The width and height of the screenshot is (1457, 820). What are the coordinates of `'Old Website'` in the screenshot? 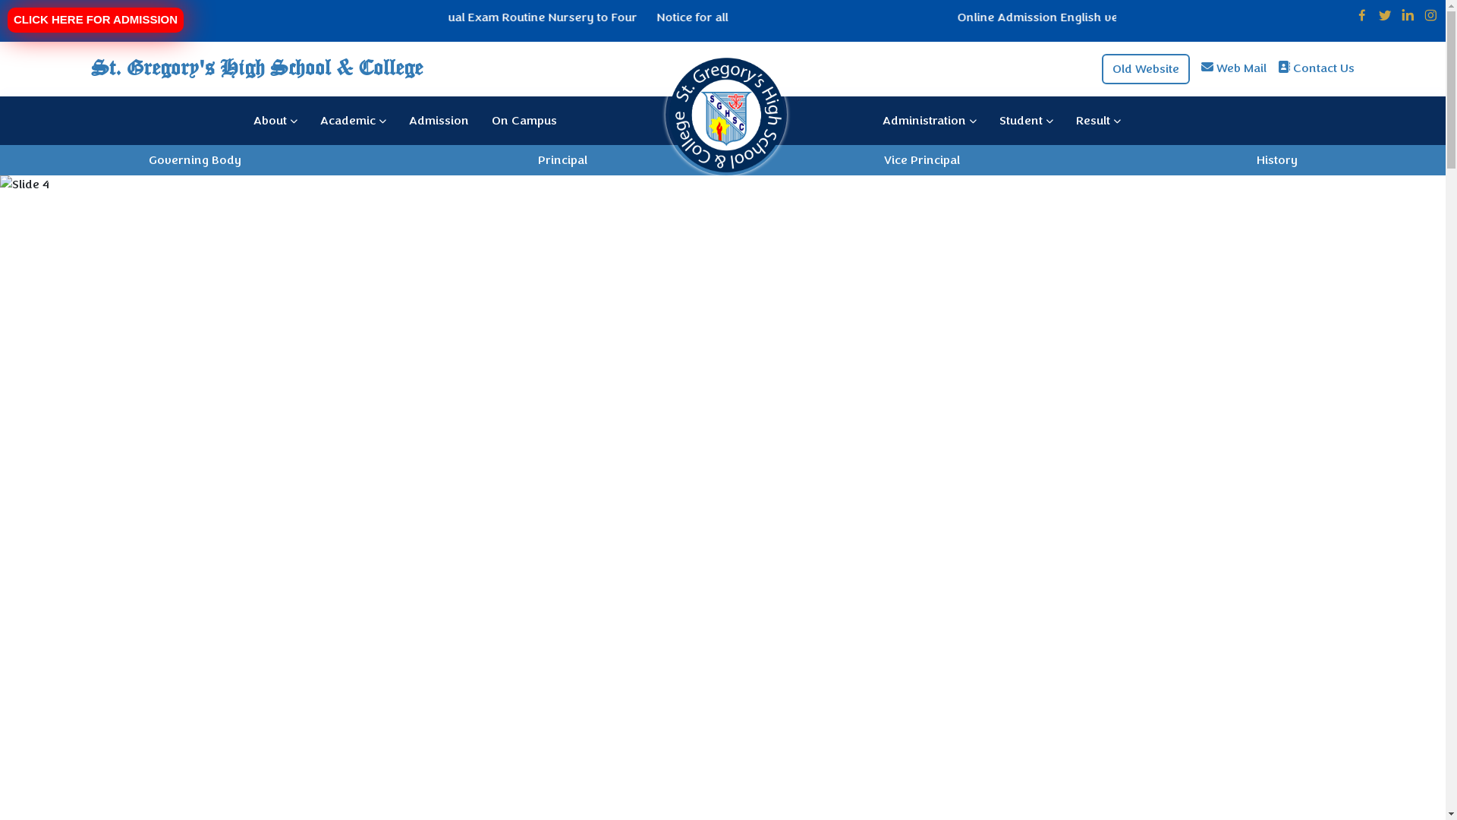 It's located at (1146, 67).